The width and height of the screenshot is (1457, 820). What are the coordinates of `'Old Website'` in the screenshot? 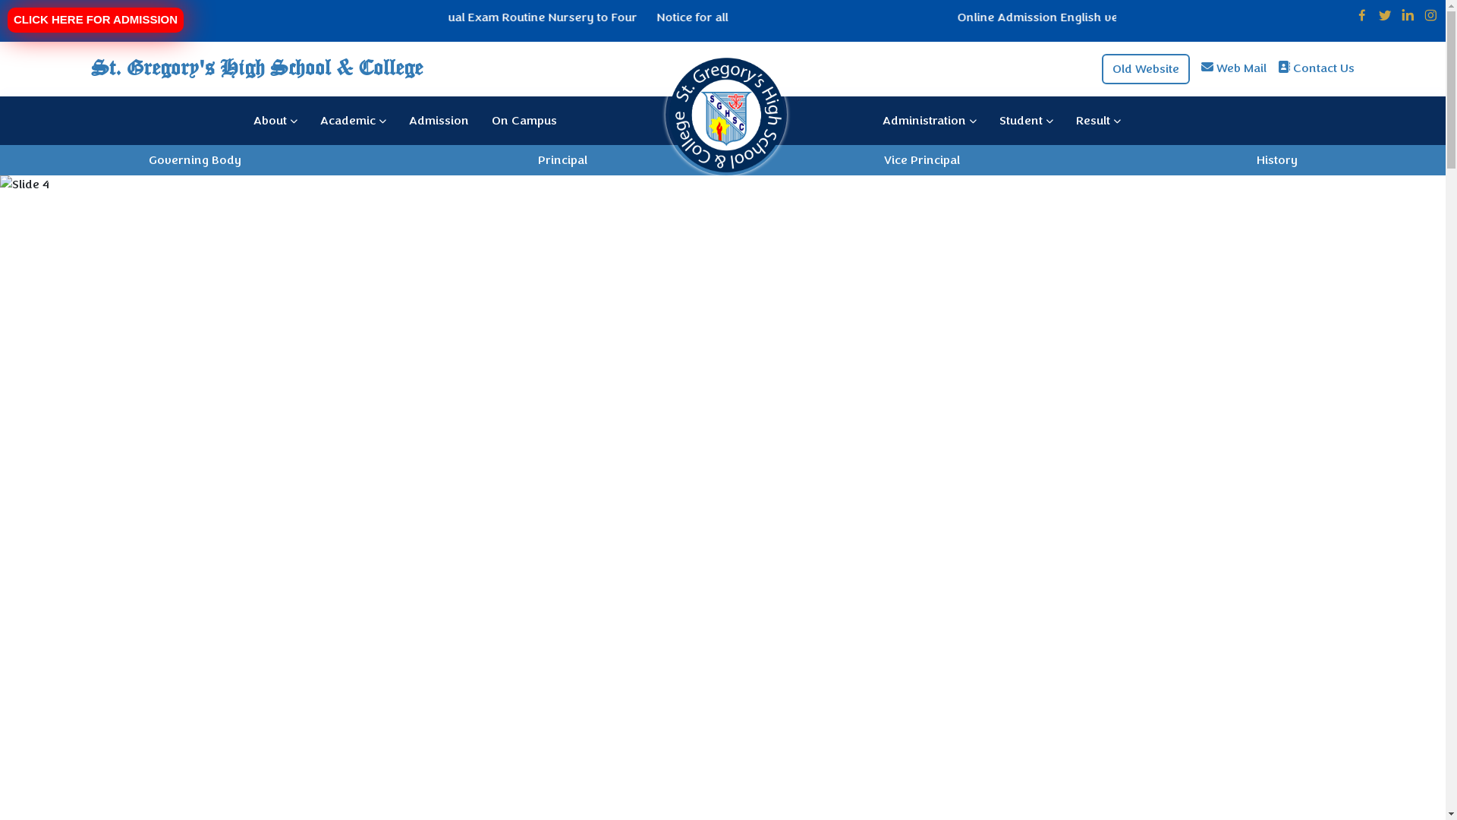 It's located at (1146, 67).